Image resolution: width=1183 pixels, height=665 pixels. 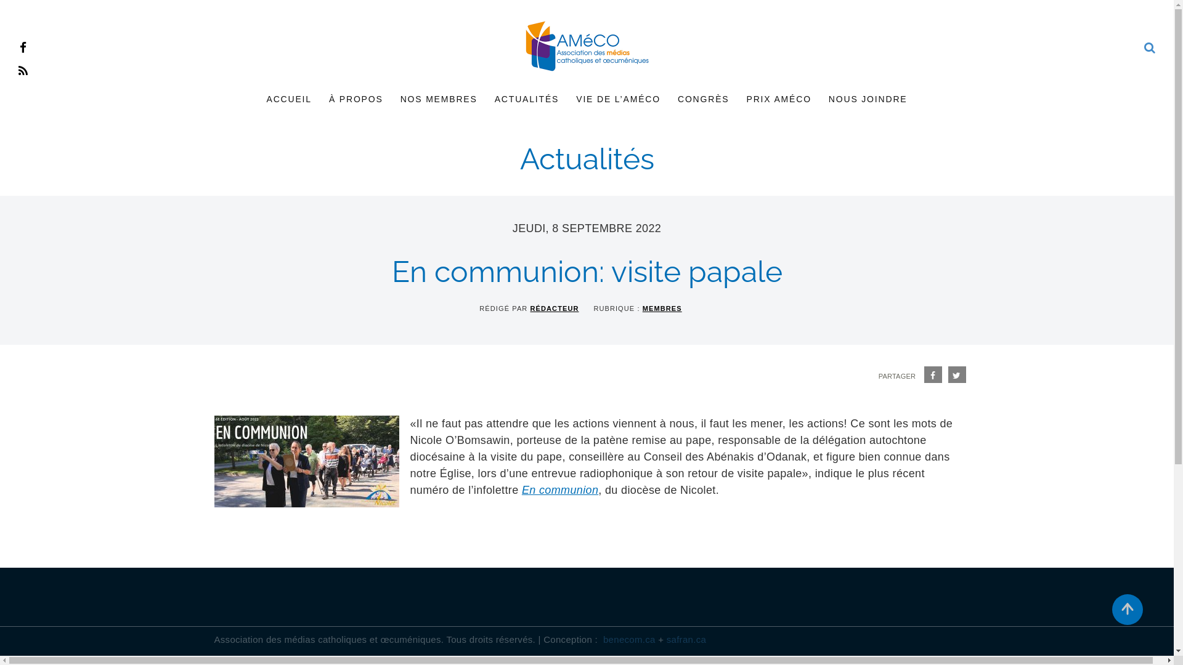 What do you see at coordinates (662, 308) in the screenshot?
I see `'MEMBRES'` at bounding box center [662, 308].